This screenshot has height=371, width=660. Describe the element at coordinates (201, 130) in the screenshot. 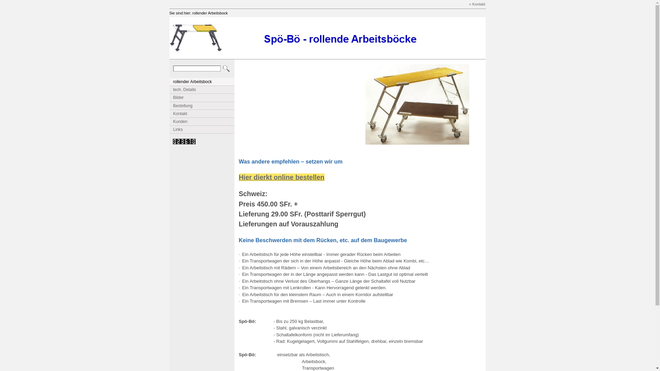

I see `'Links'` at that location.